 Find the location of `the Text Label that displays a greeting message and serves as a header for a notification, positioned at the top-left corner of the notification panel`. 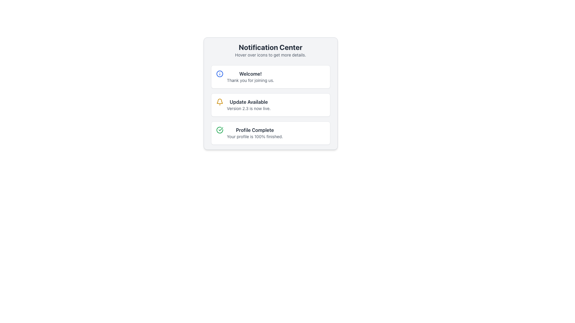

the Text Label that displays a greeting message and serves as a header for a notification, positioned at the top-left corner of the notification panel is located at coordinates (250, 73).